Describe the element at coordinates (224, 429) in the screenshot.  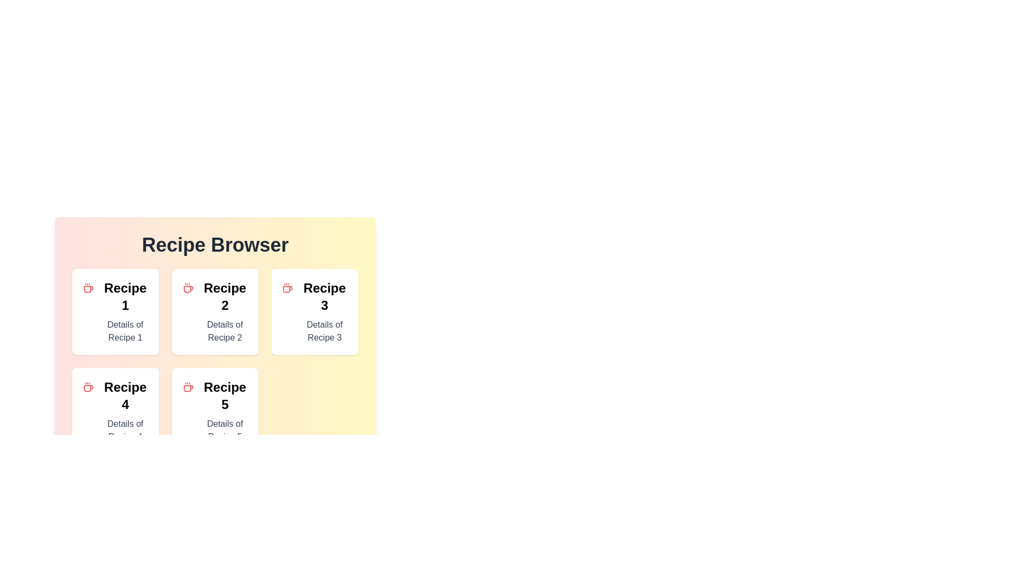
I see `text displayed in the label below 'Recipe 5' in the second row, third column of the grid layout` at that location.